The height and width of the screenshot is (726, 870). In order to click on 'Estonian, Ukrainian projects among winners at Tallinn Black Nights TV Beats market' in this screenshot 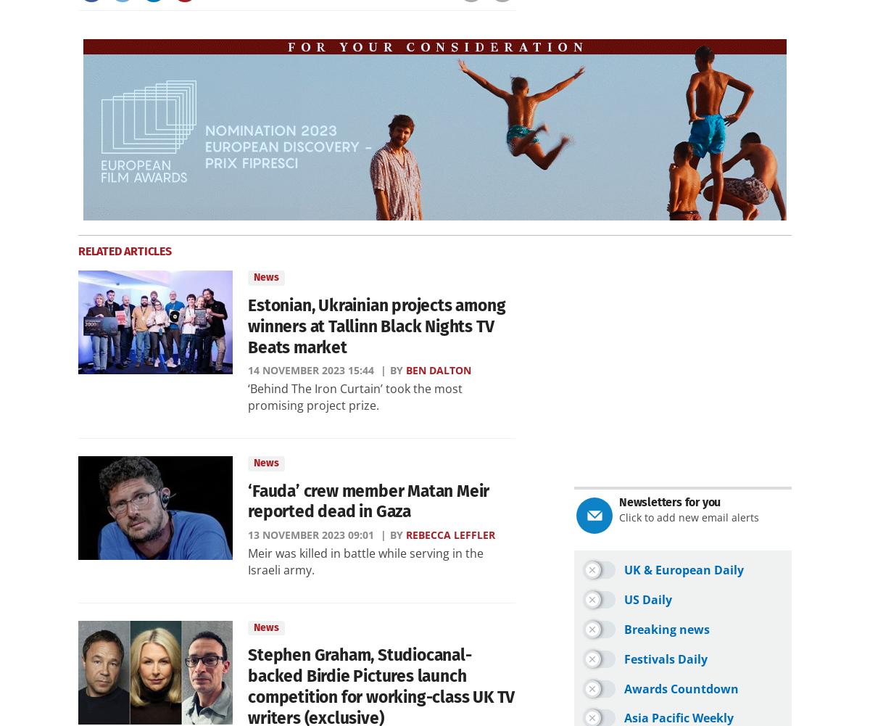, I will do `click(376, 326)`.